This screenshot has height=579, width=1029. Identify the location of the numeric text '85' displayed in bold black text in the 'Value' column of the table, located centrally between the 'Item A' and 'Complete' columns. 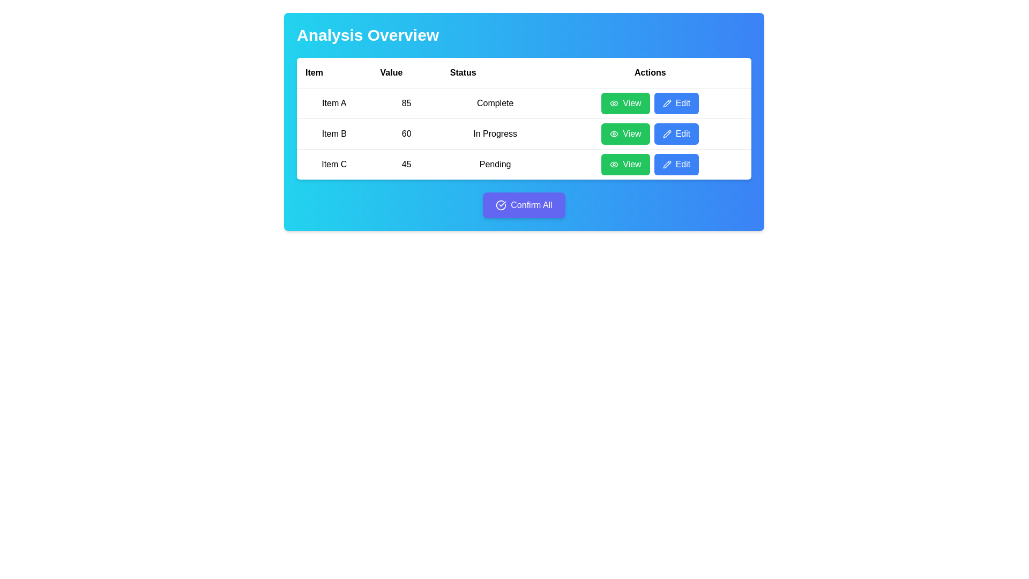
(406, 103).